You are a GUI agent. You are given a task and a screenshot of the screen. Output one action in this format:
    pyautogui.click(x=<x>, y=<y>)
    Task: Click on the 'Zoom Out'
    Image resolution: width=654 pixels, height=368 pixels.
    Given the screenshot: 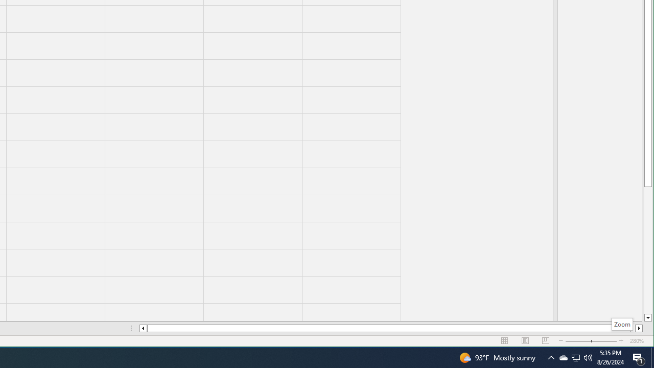 What is the action you would take?
    pyautogui.click(x=585, y=341)
    